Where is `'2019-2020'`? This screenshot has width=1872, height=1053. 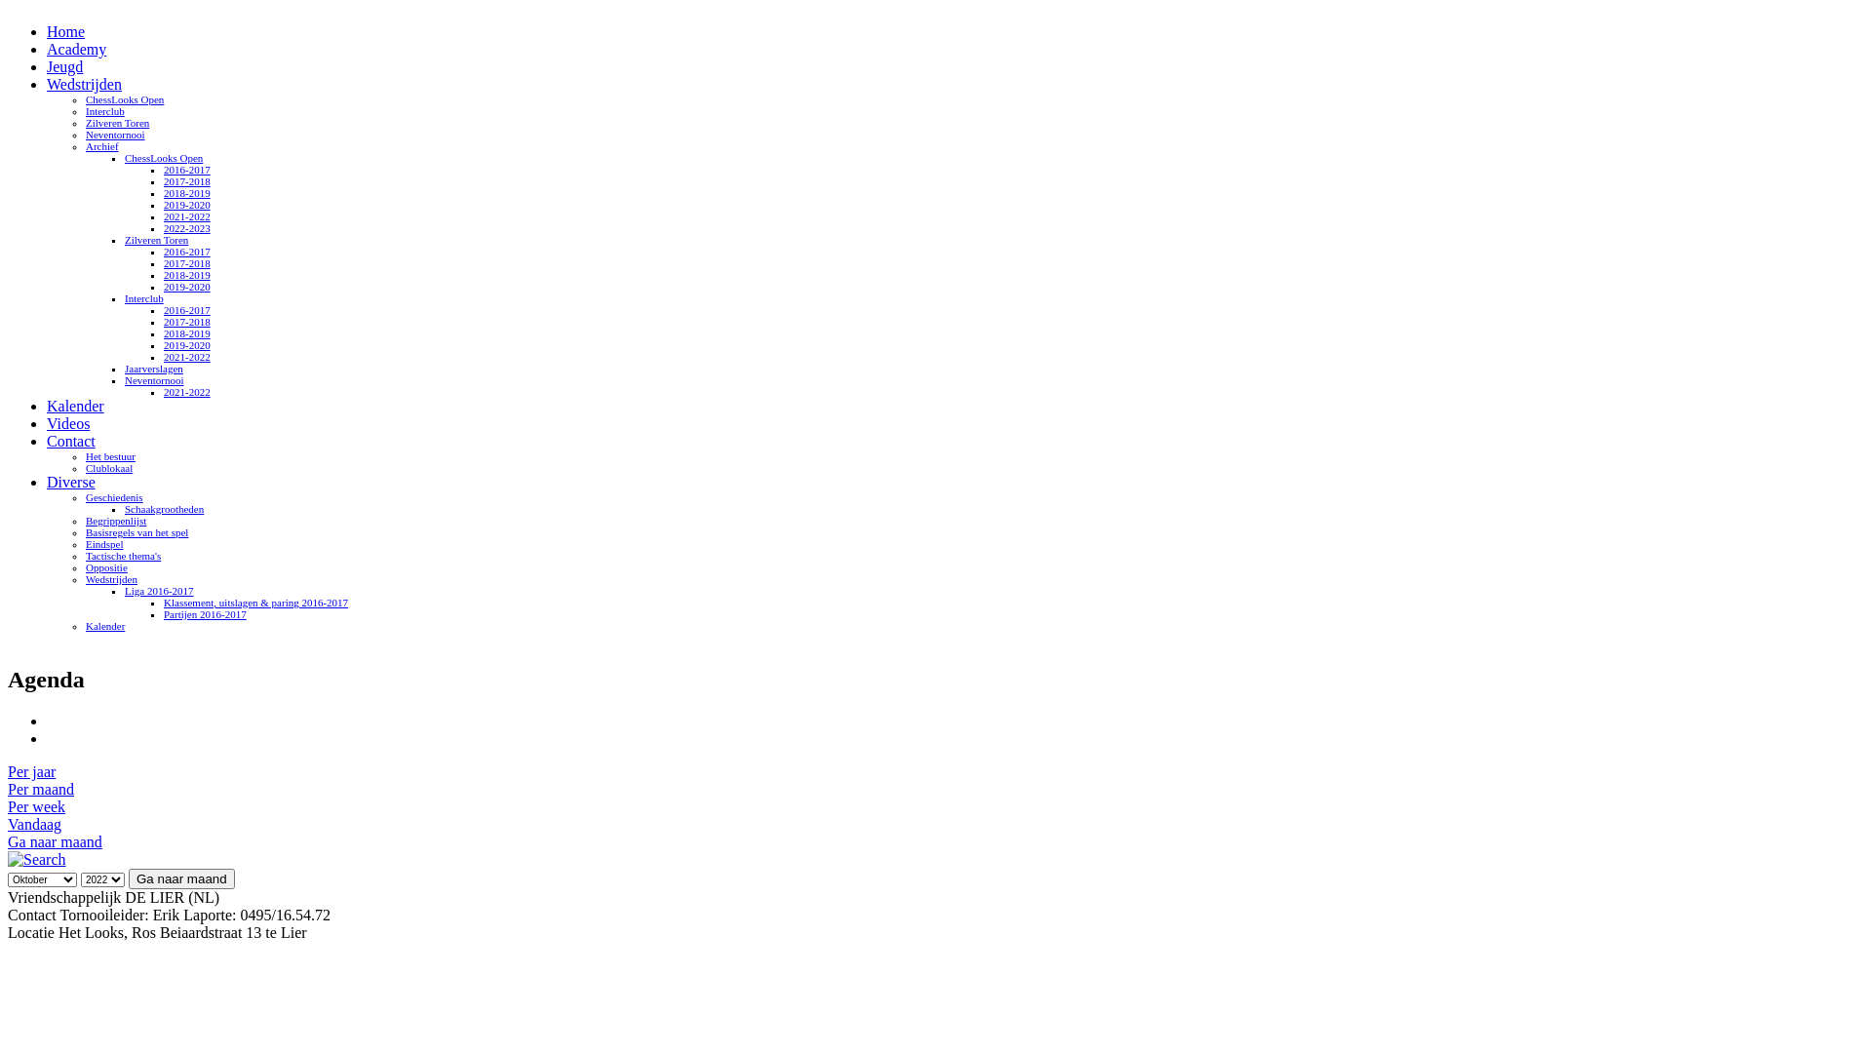
'2019-2020' is located at coordinates (187, 204).